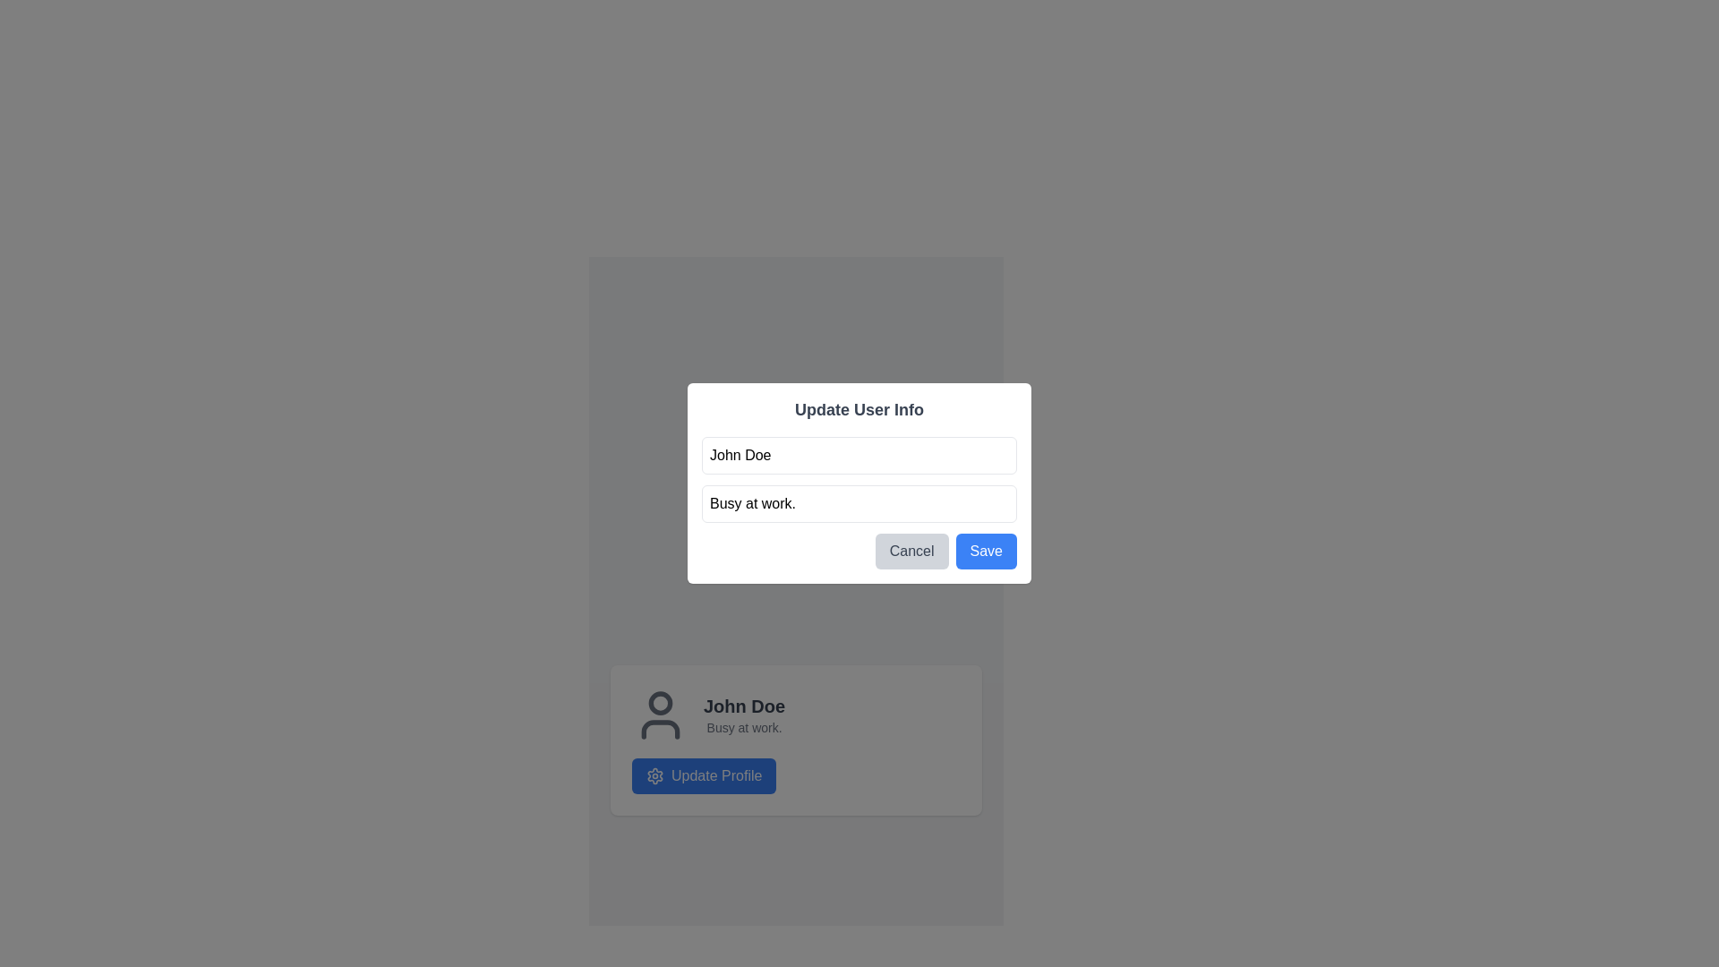 The width and height of the screenshot is (1719, 967). I want to click on the title or header text located at the top of the white, rounded rectangle box which indicates the context of the form, so click(859, 410).